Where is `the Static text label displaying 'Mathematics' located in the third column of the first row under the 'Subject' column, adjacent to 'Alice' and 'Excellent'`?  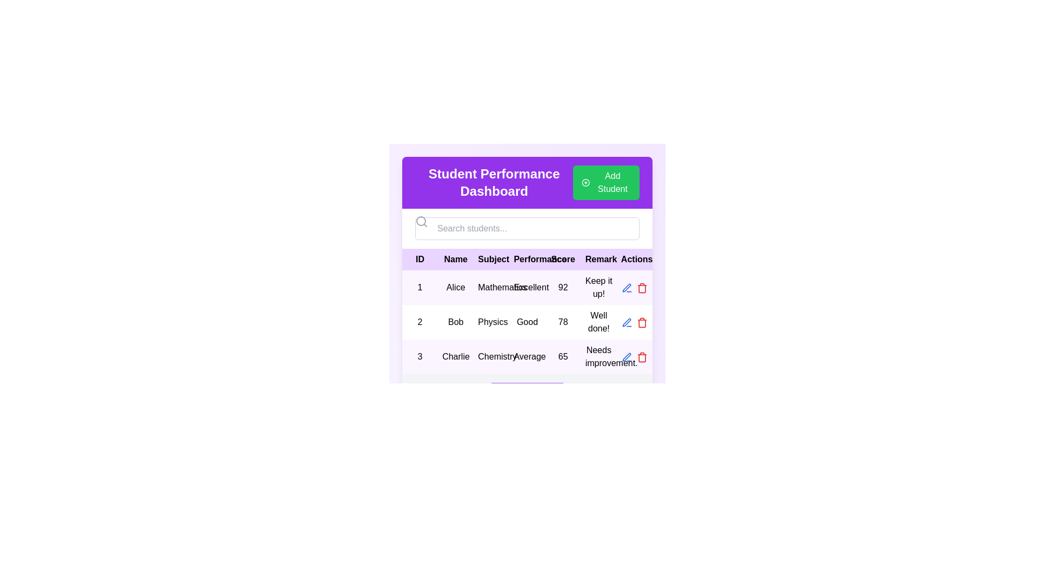 the Static text label displaying 'Mathematics' located in the third column of the first row under the 'Subject' column, adjacent to 'Alice' and 'Excellent' is located at coordinates (491, 287).